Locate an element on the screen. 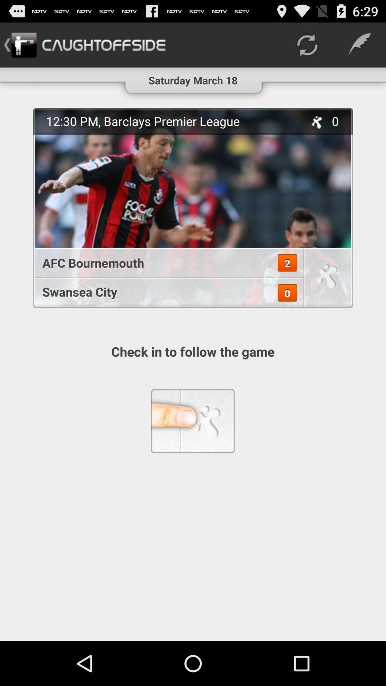  item below 12 30 pm icon is located at coordinates (164, 262).